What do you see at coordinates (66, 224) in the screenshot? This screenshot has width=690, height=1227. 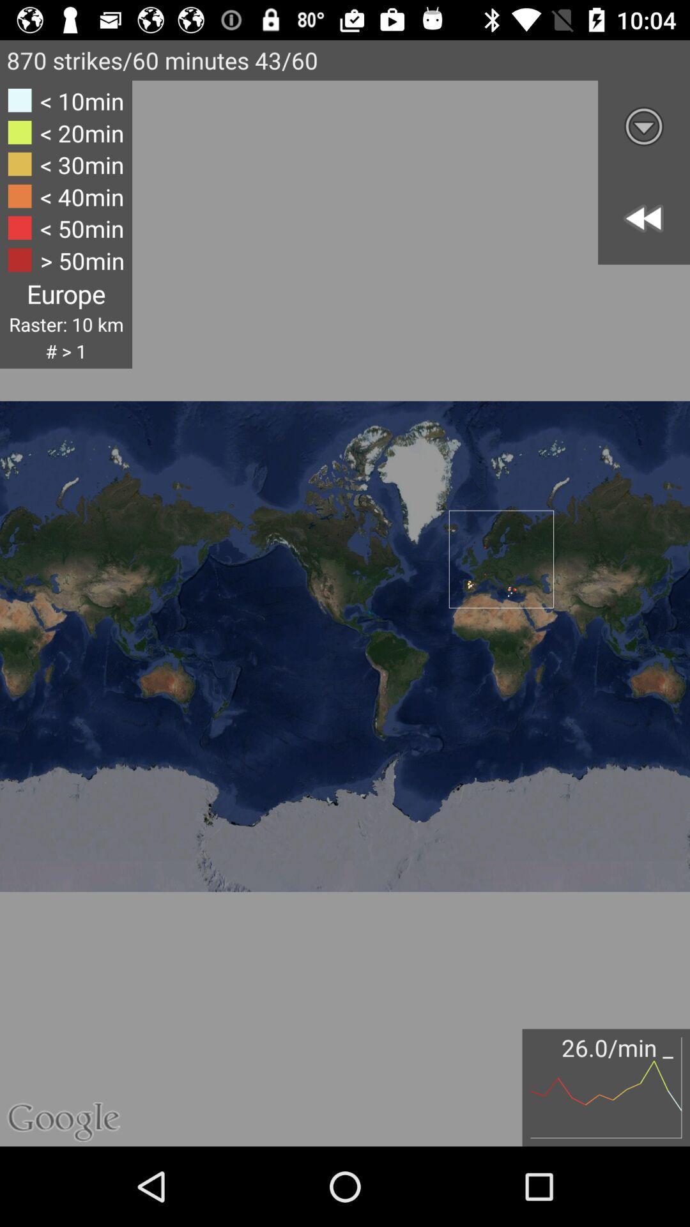 I see `the icon below the 870 strikes 60 item` at bounding box center [66, 224].